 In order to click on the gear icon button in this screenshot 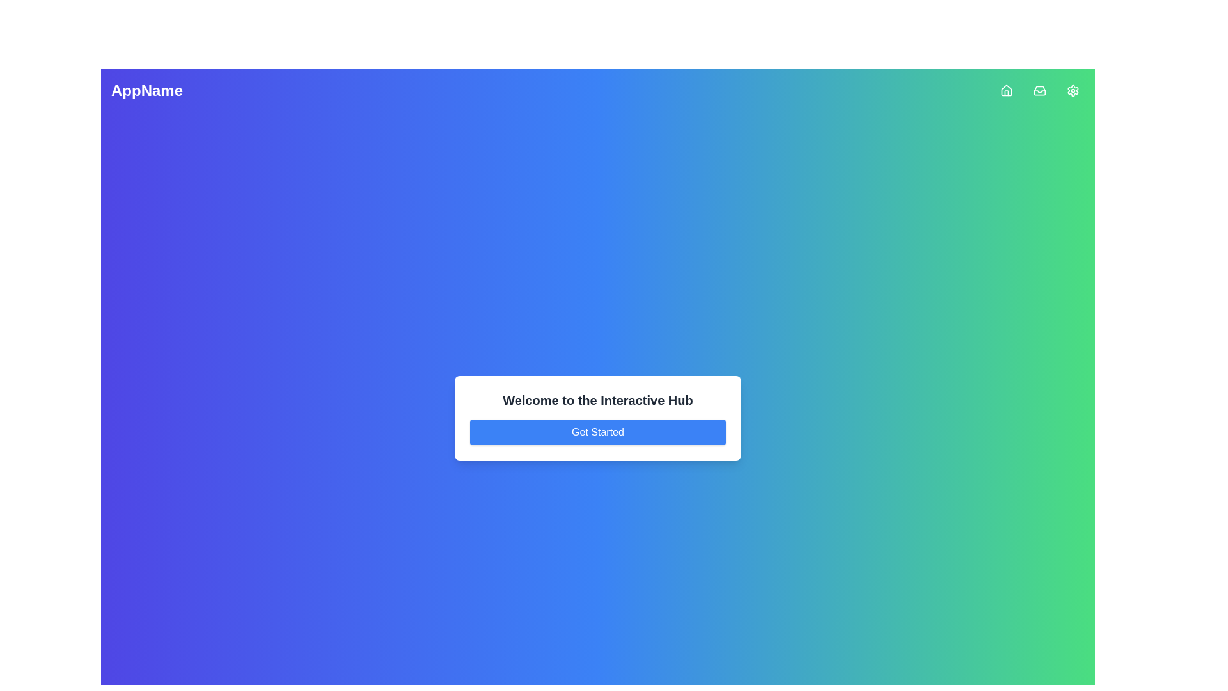, I will do `click(1073, 90)`.